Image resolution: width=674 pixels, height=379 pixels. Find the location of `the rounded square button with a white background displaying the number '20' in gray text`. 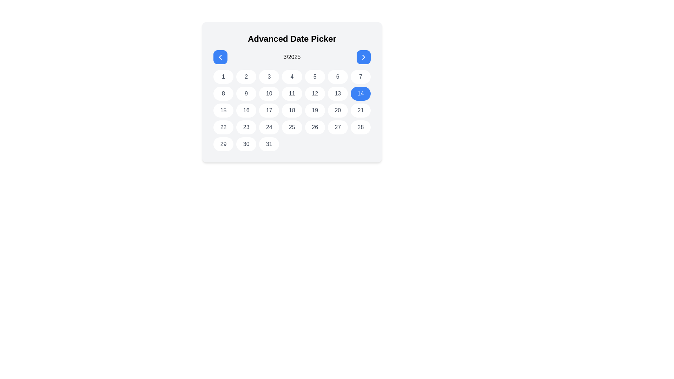

the rounded square button with a white background displaying the number '20' in gray text is located at coordinates (337, 111).